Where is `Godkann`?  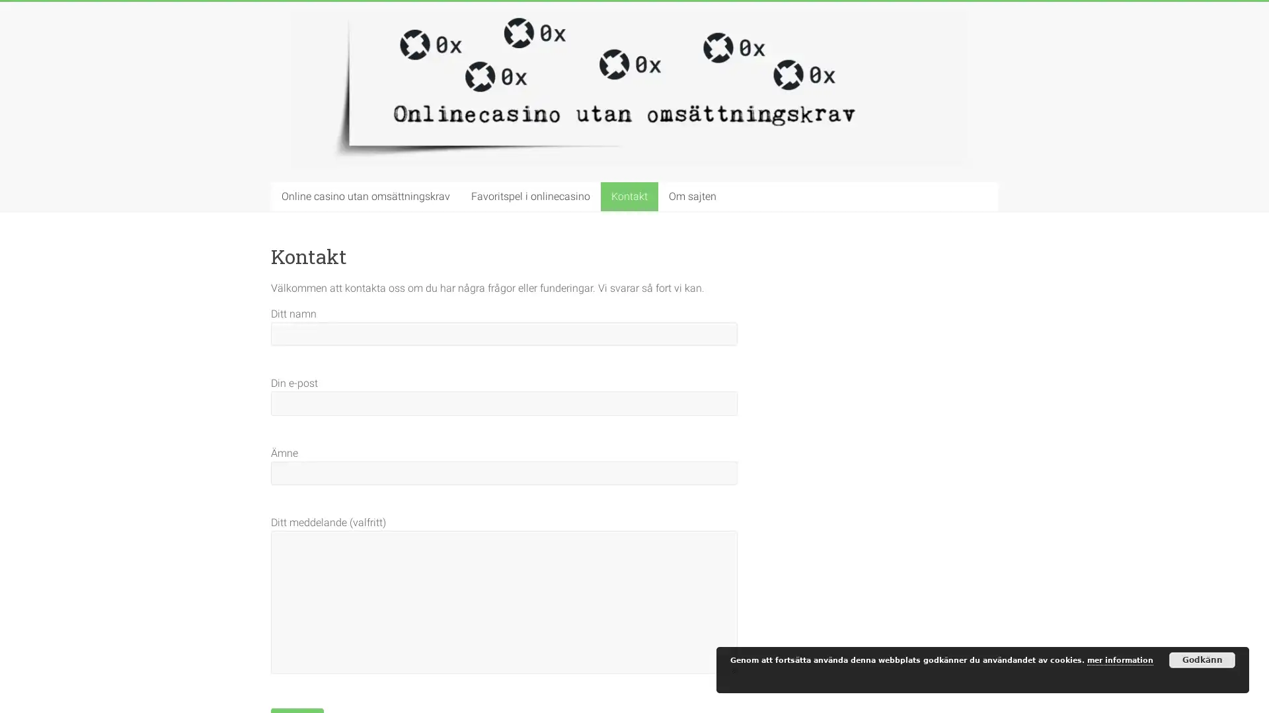
Godkann is located at coordinates (1202, 660).